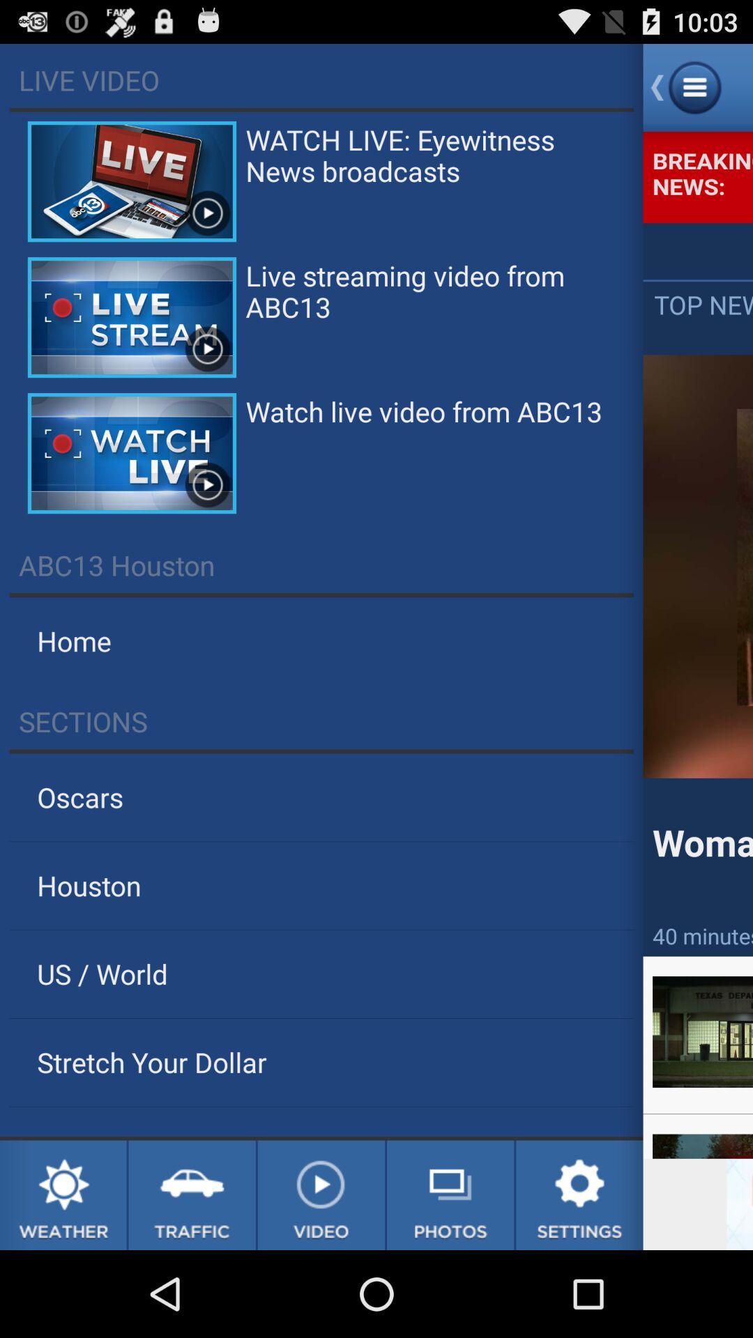  Describe the element at coordinates (192, 1194) in the screenshot. I see `the option beside weather` at that location.